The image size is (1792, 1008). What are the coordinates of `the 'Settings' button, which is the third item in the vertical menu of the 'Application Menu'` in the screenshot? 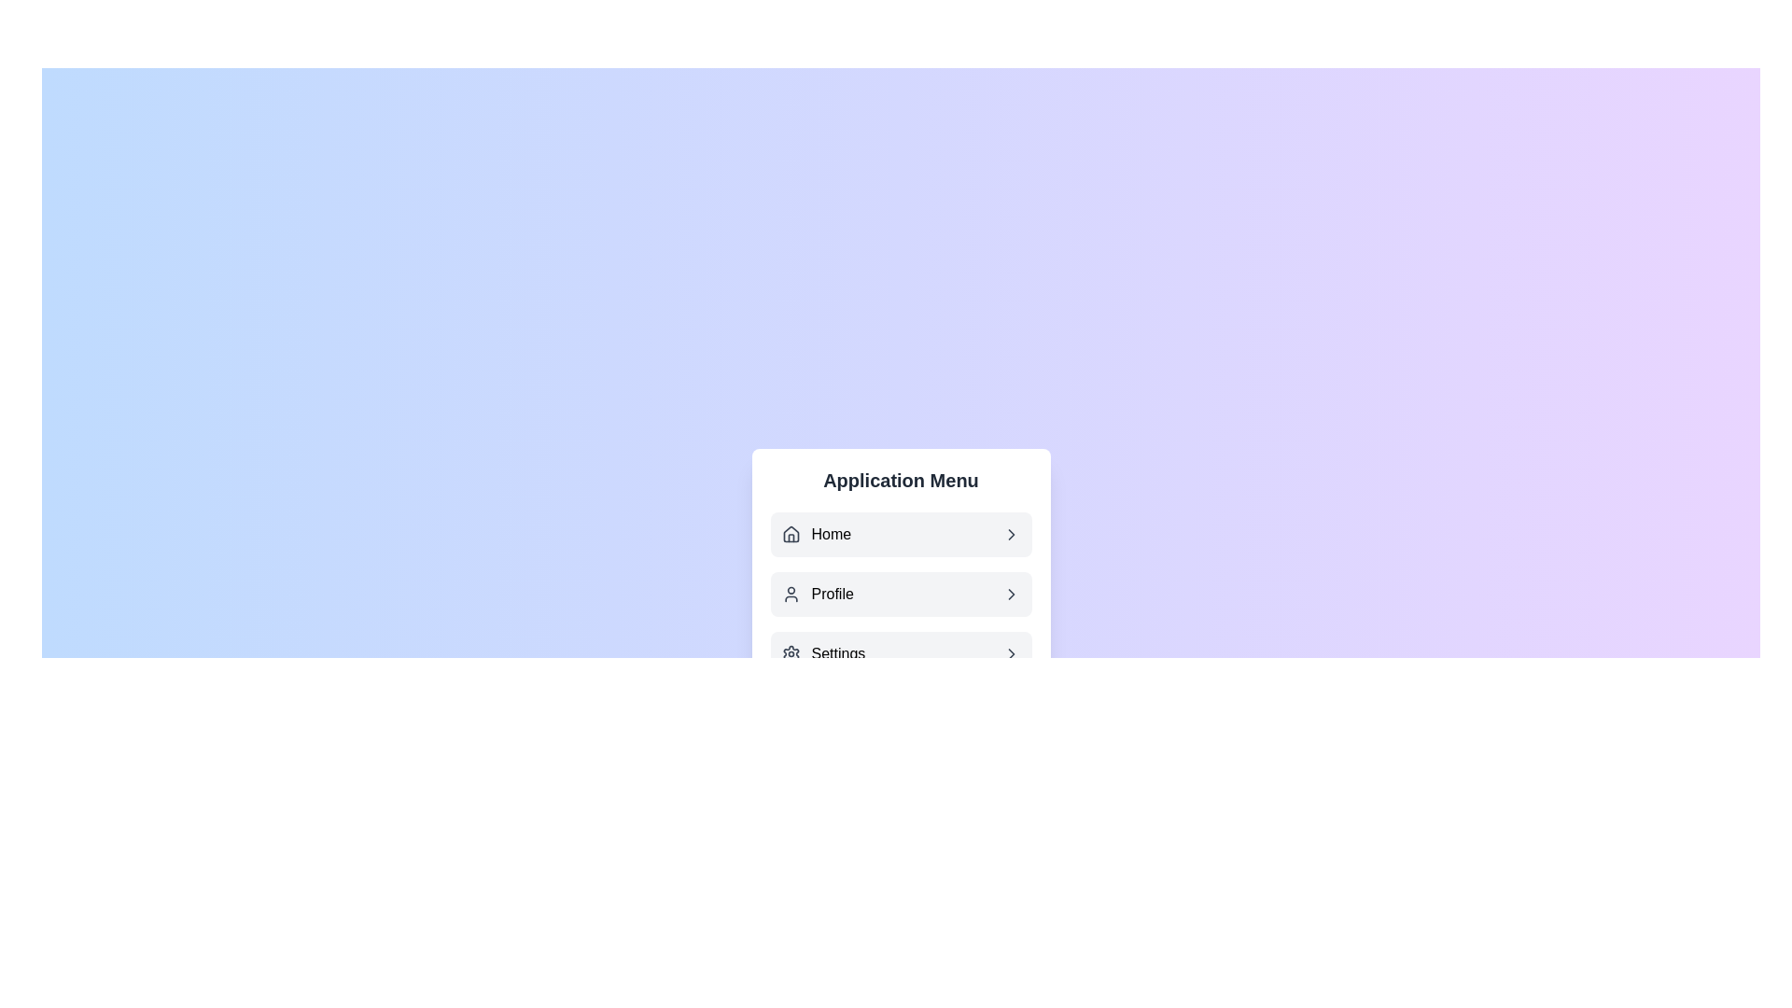 It's located at (901, 653).